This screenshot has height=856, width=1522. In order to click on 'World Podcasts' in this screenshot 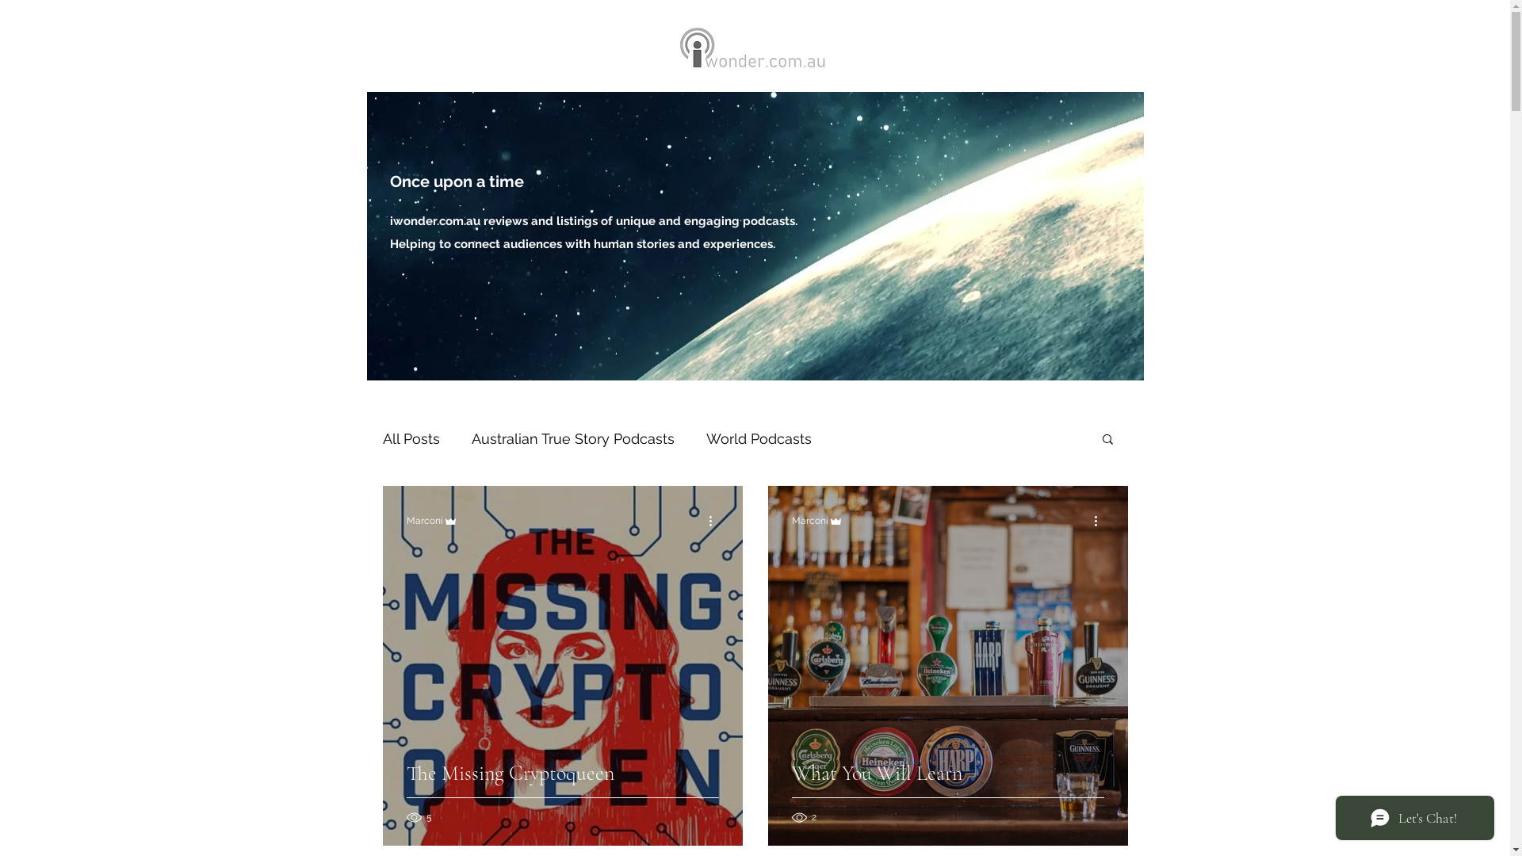, I will do `click(757, 438)`.